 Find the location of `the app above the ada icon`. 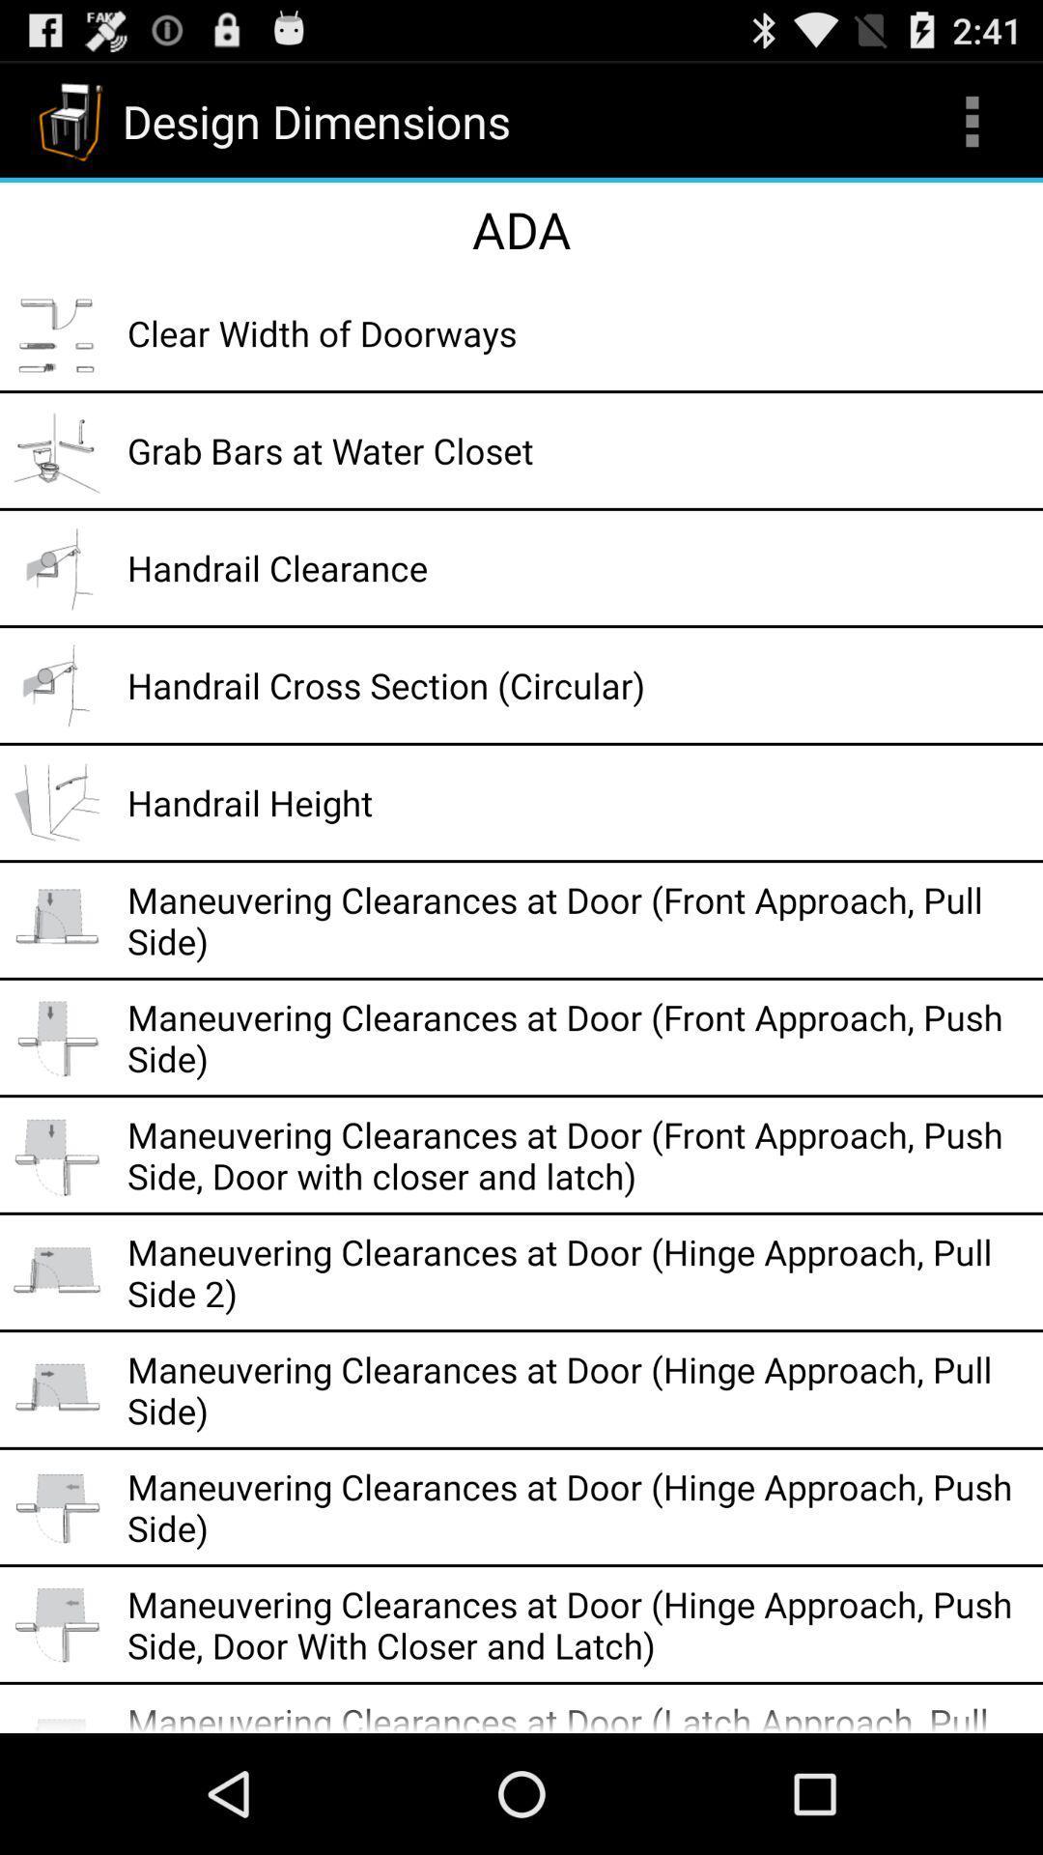

the app above the ada icon is located at coordinates (972, 120).